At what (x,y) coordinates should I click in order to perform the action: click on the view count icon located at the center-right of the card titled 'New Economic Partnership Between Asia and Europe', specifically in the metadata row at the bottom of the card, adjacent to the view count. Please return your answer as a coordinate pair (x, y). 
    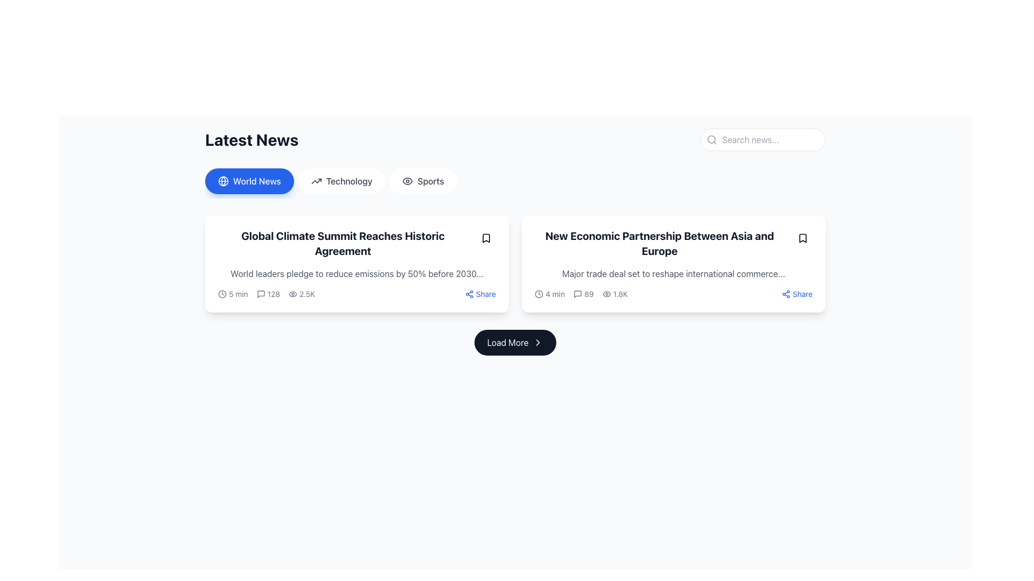
    Looking at the image, I should click on (606, 294).